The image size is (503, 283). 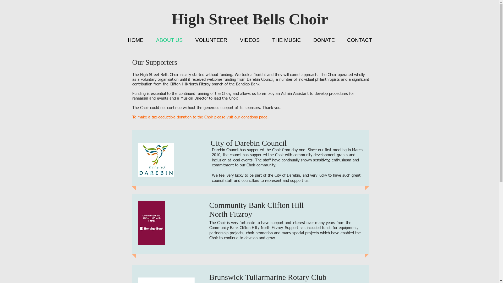 I want to click on 'VIDEOS', so click(x=250, y=40).